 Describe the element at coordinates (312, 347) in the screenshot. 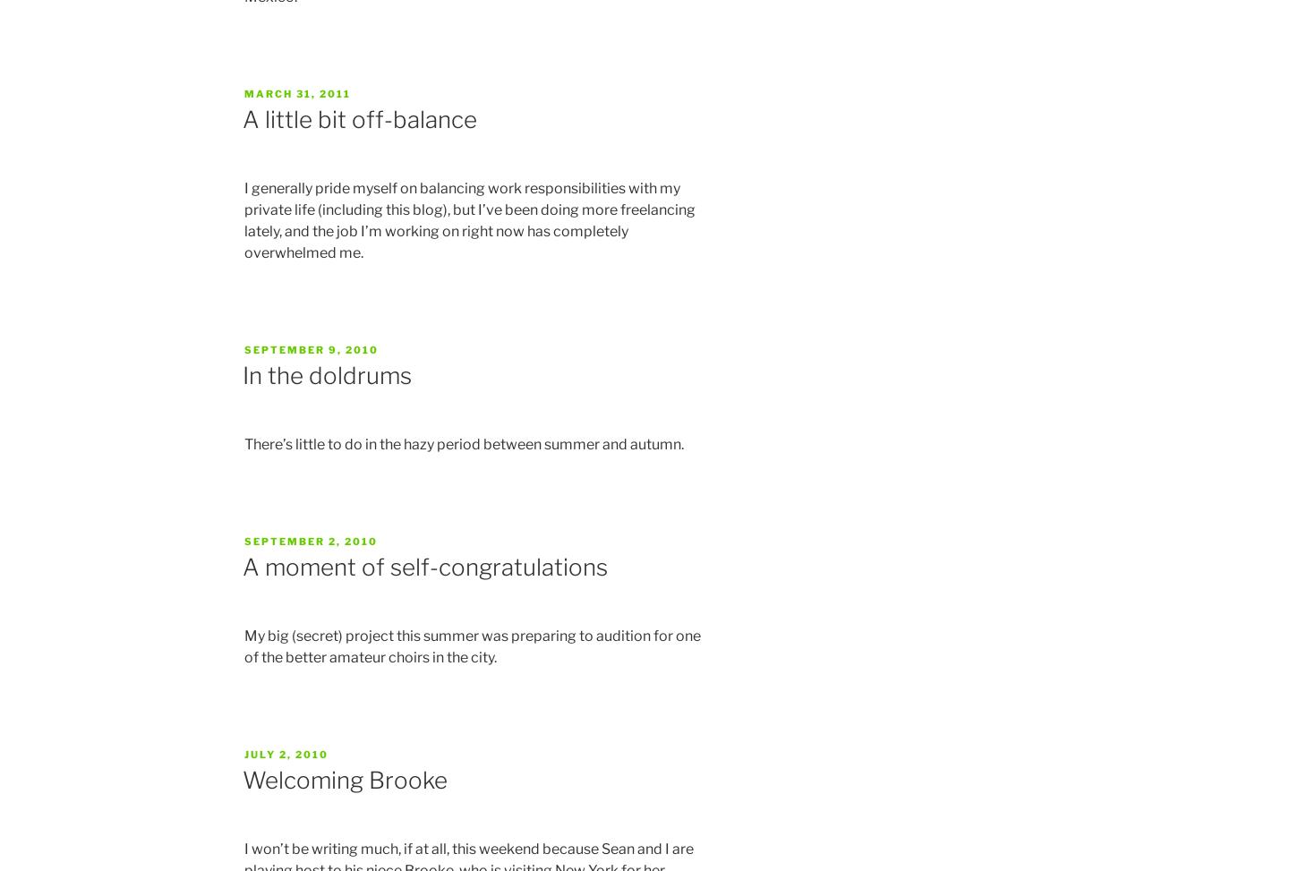

I see `'September 9, 2010'` at that location.